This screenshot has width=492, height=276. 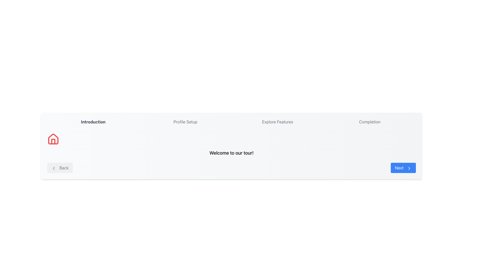 I want to click on the text label 'Profile Setup', which is the second item in a horizontally aligned list of menu options, located to the right of 'Introduction' and to the left of 'Explore Features', so click(x=185, y=122).